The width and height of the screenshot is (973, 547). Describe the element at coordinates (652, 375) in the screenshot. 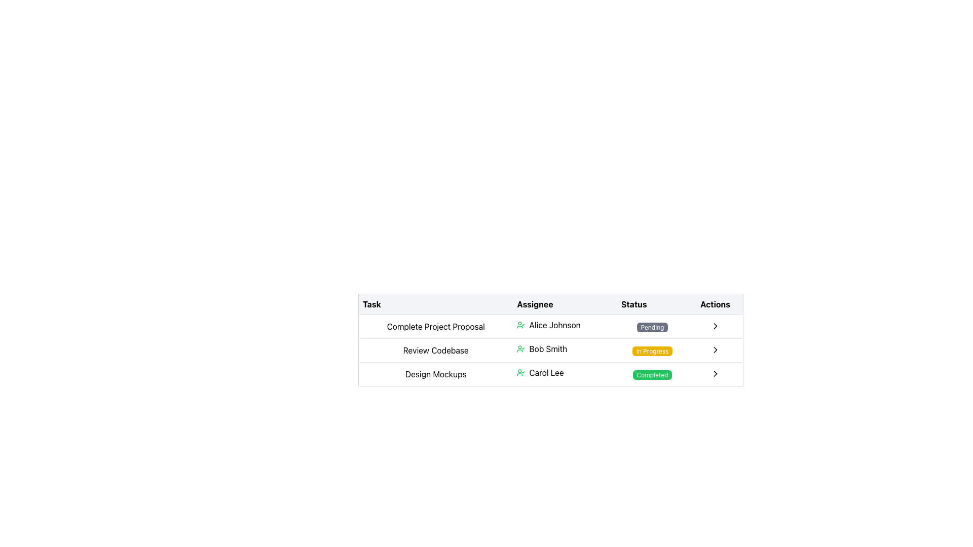

I see `the Status Badge in the 'Status' column of the third row for the 'Design Mockups' task` at that location.